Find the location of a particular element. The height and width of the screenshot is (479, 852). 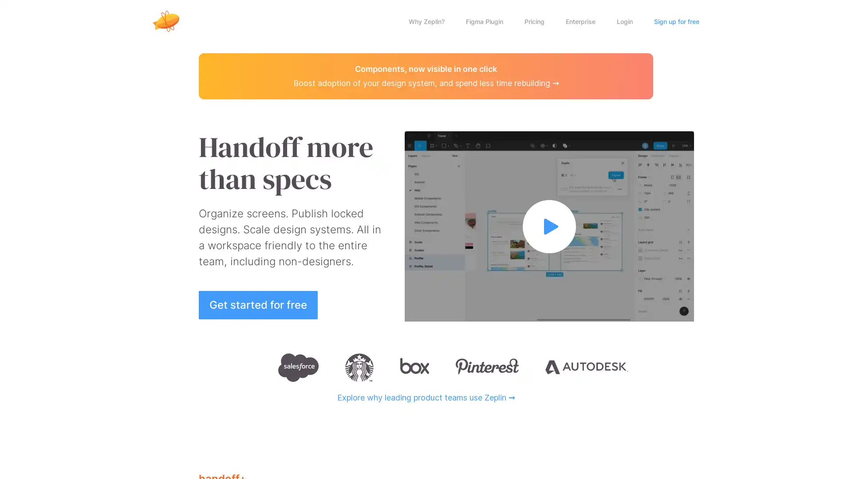

Watch full video is located at coordinates (549, 226).